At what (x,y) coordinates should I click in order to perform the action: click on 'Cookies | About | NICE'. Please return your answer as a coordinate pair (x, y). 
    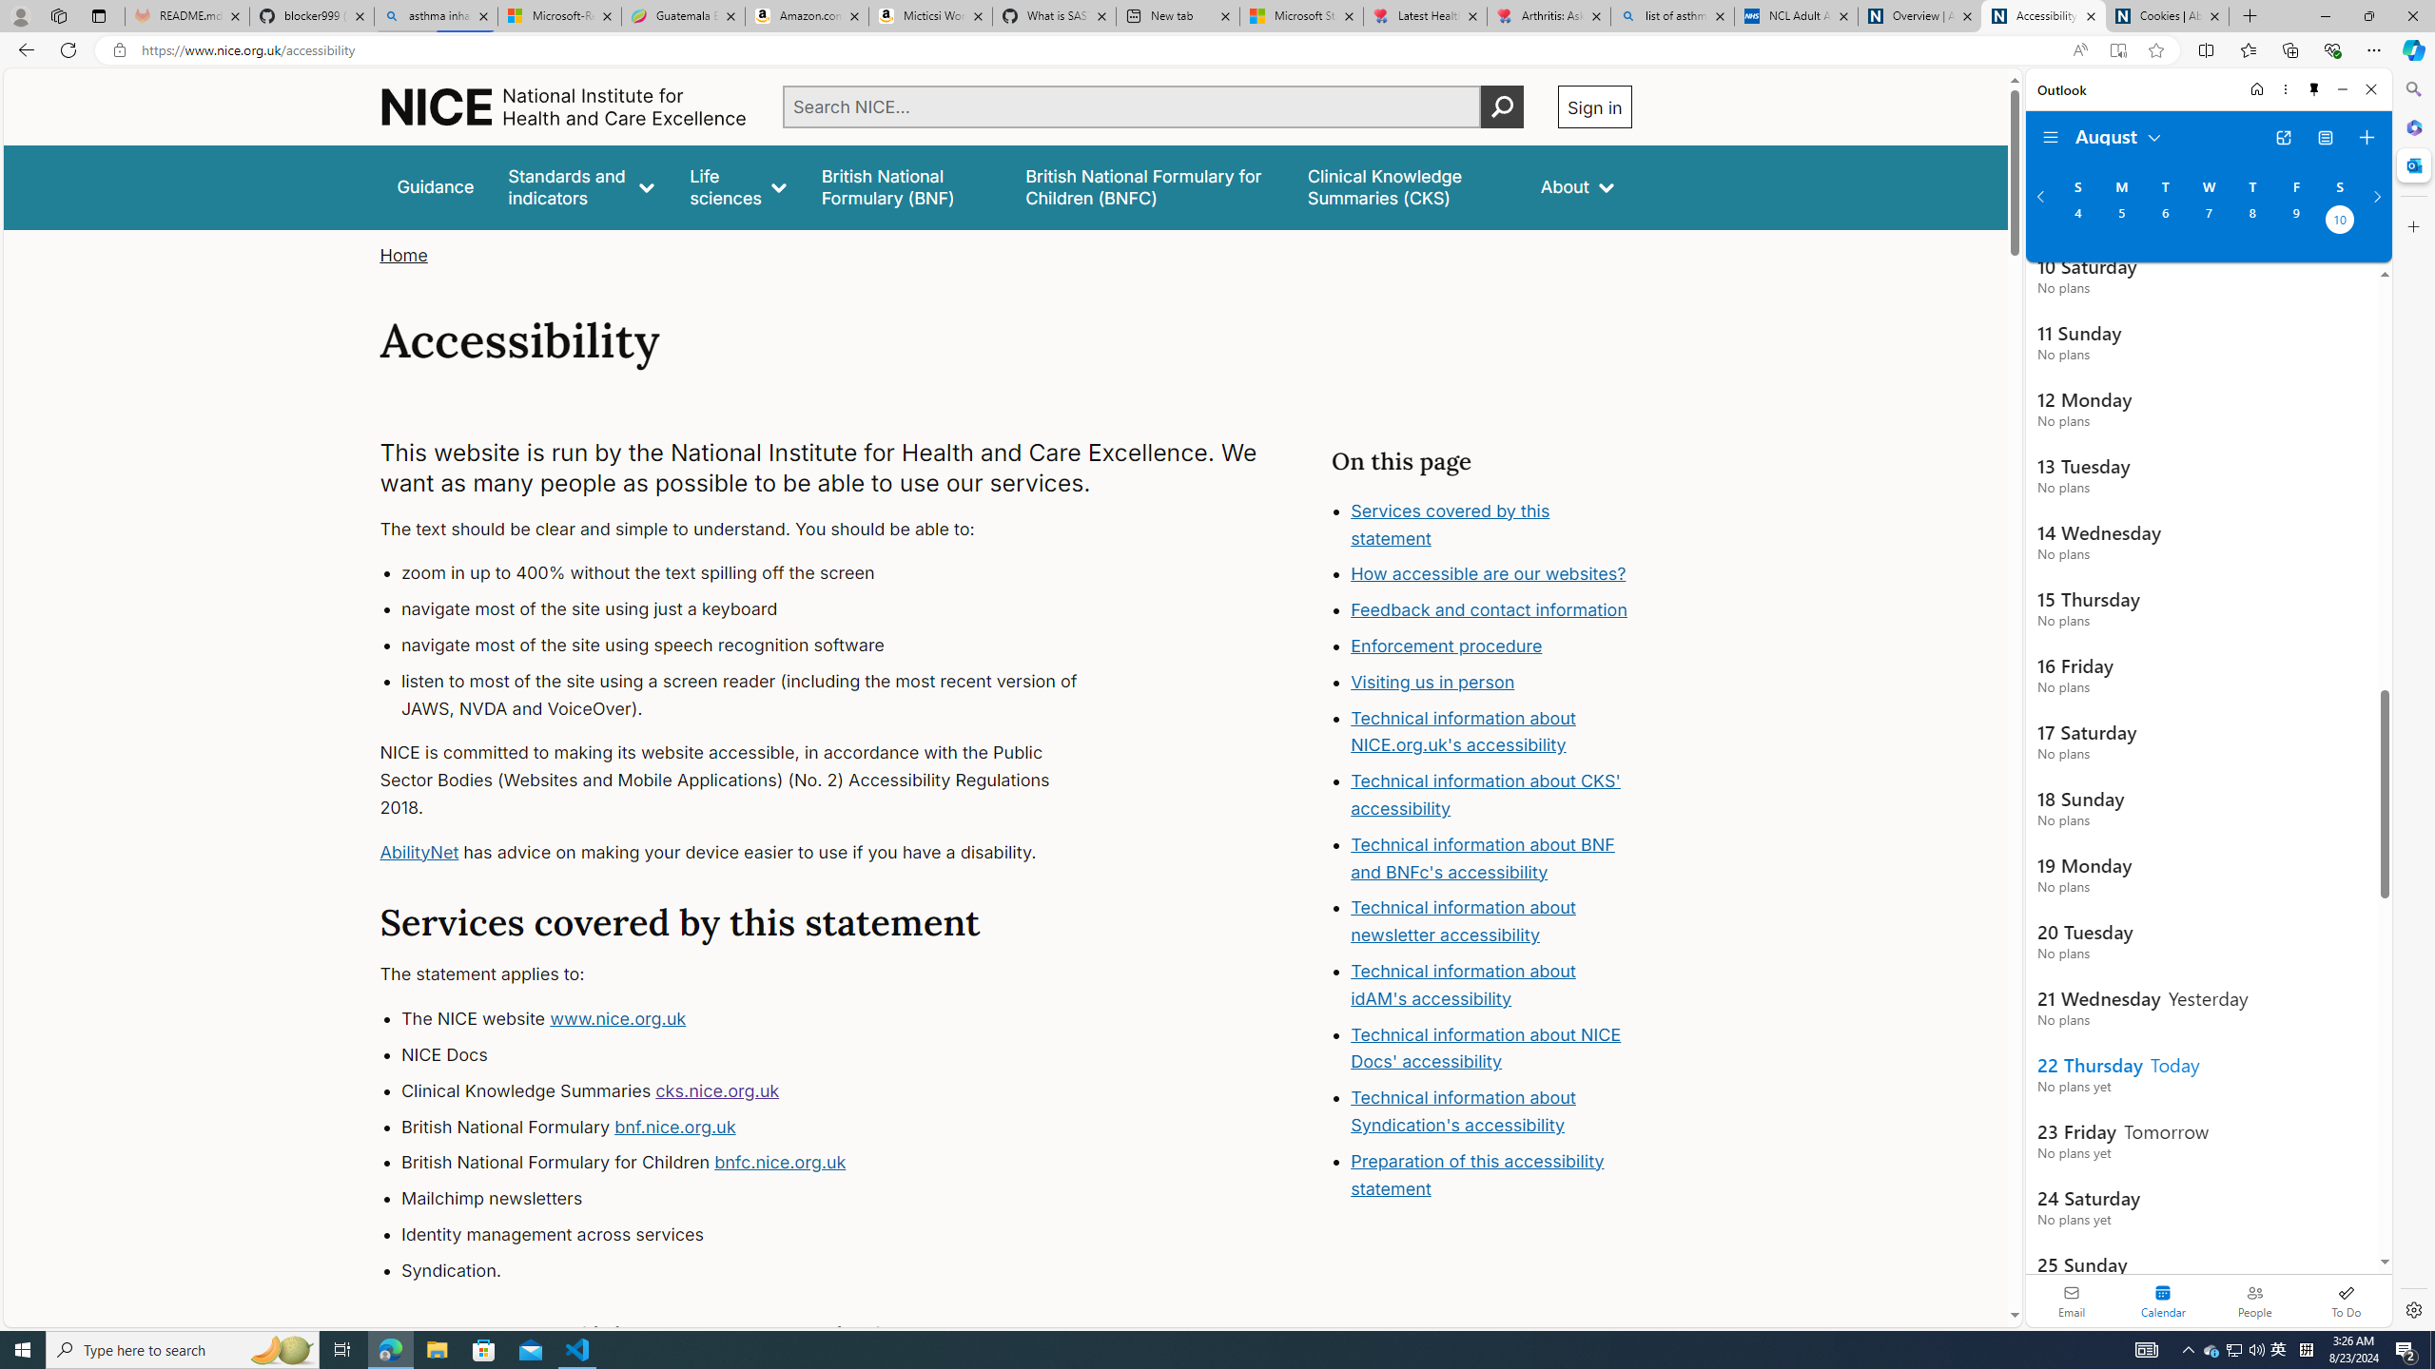
    Looking at the image, I should click on (2167, 15).